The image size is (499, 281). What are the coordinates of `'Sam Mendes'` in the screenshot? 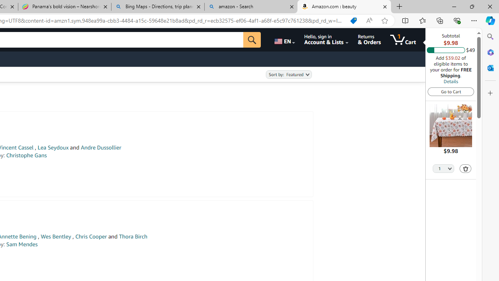 It's located at (22, 244).